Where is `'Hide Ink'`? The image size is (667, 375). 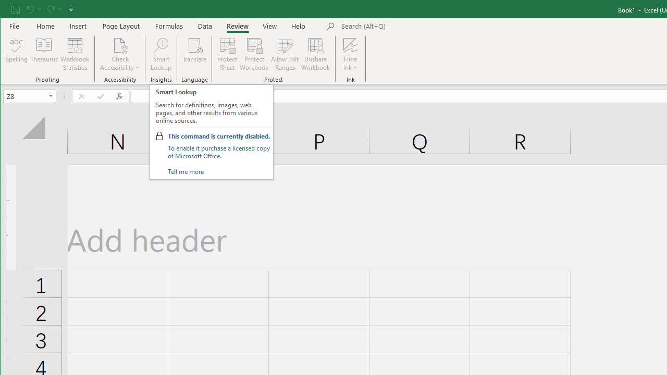 'Hide Ink' is located at coordinates (350, 44).